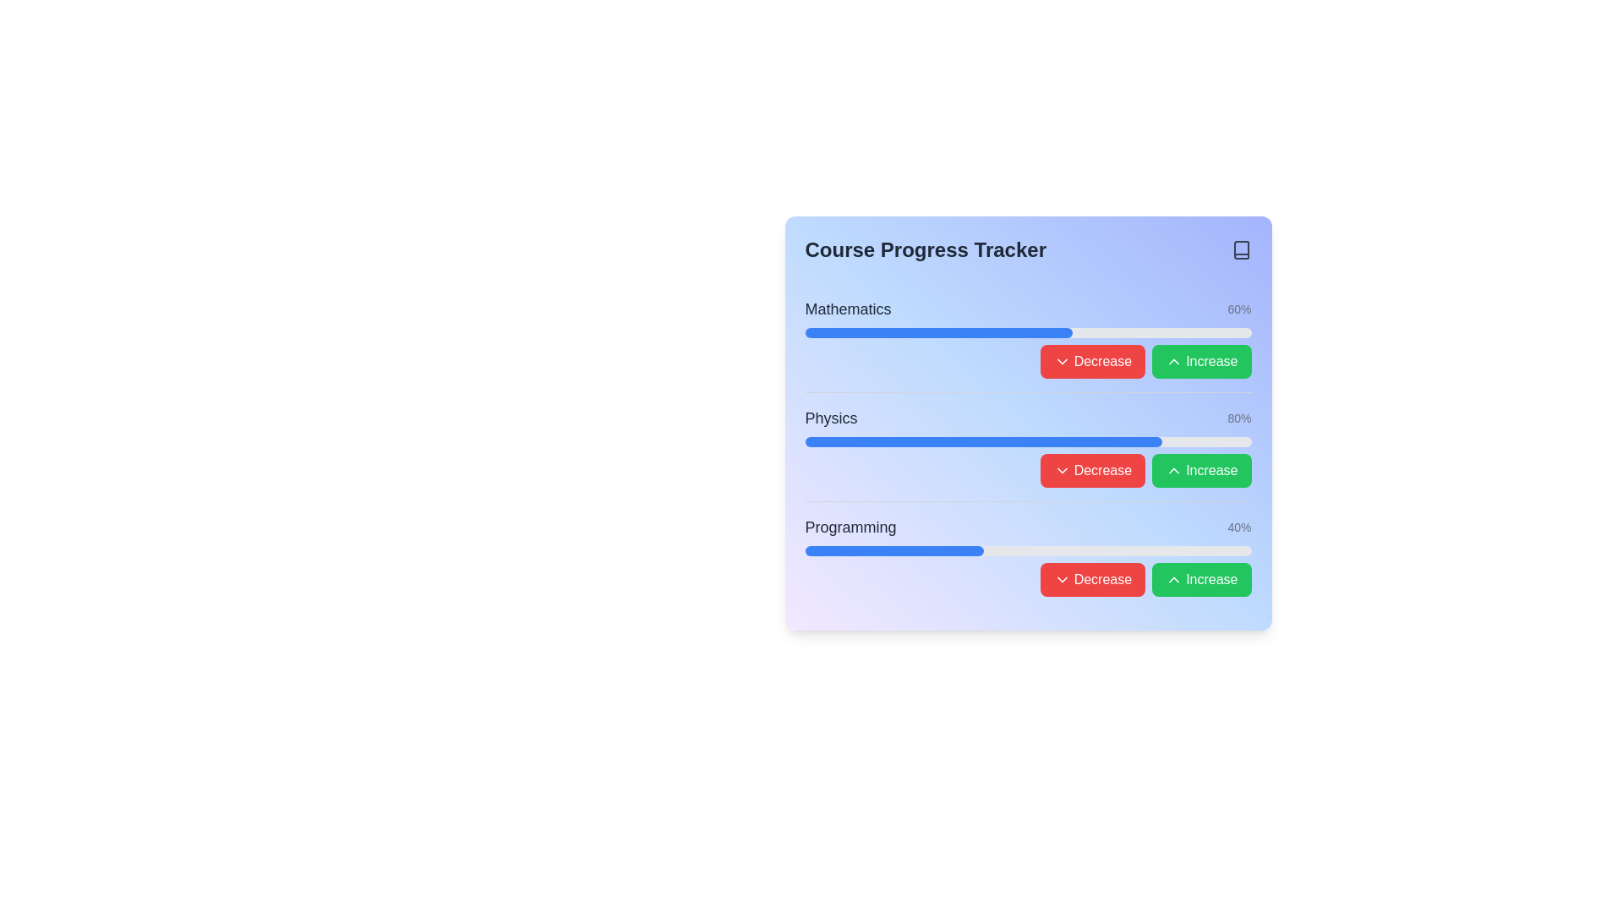 The height and width of the screenshot is (913, 1623). Describe the element at coordinates (1239, 309) in the screenshot. I see `the static text displaying '60%' within the progress tracker layout, located to the right of the 'Mathematics' progress bar` at that location.